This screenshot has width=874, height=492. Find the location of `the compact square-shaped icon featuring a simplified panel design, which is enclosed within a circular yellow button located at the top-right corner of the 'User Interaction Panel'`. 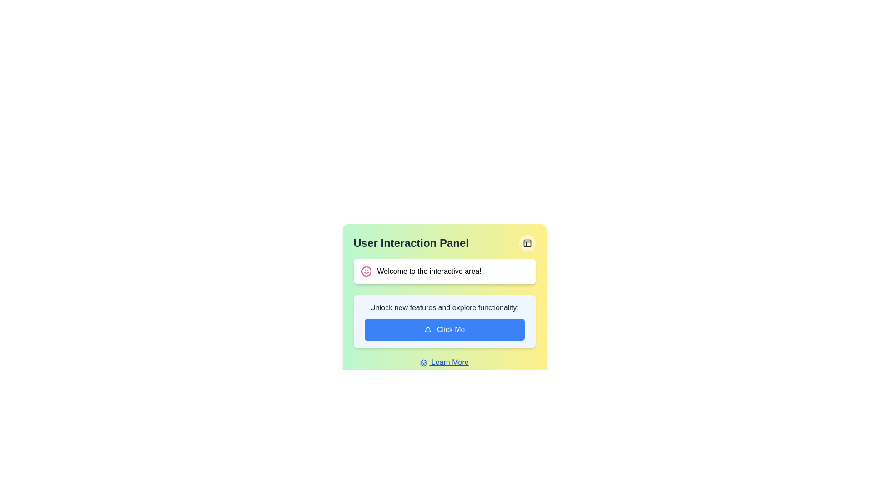

the compact square-shaped icon featuring a simplified panel design, which is enclosed within a circular yellow button located at the top-right corner of the 'User Interaction Panel' is located at coordinates (527, 242).